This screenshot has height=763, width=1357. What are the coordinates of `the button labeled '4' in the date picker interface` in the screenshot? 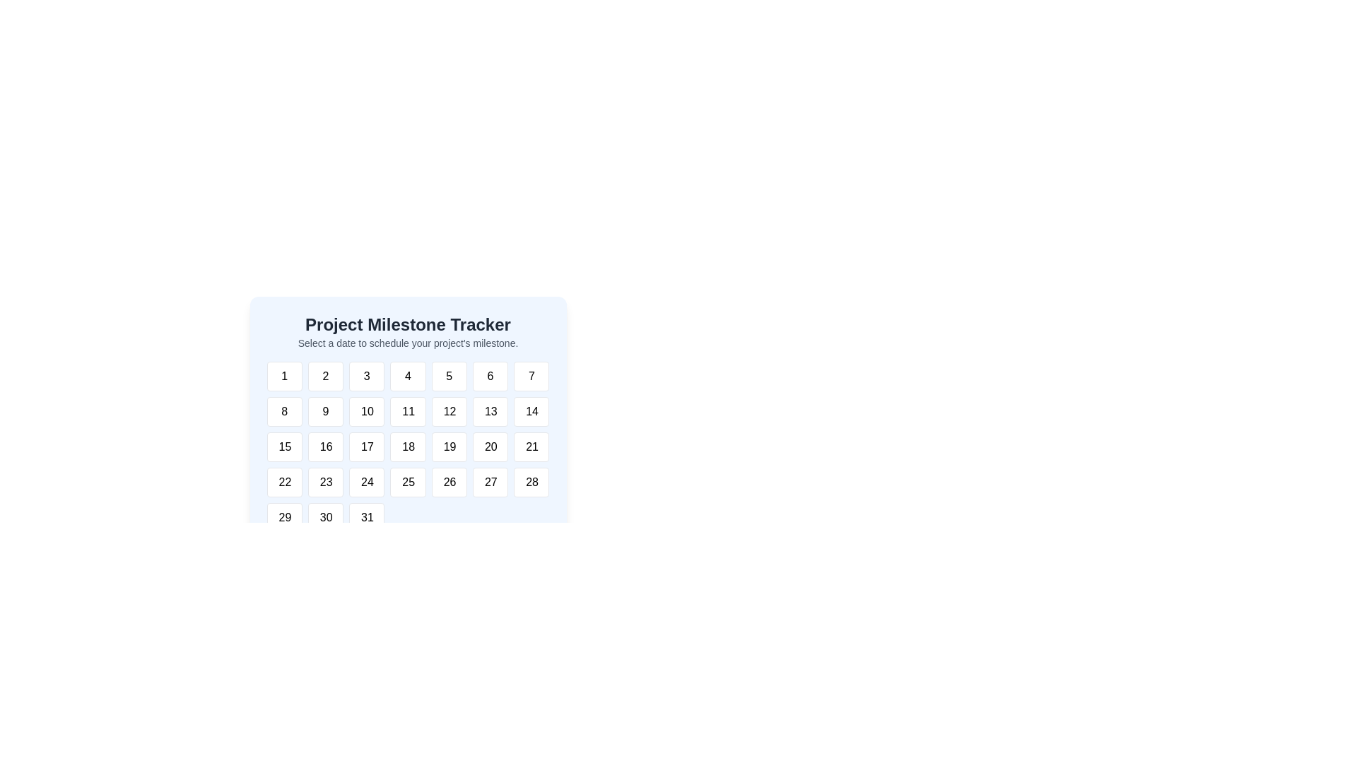 It's located at (407, 375).